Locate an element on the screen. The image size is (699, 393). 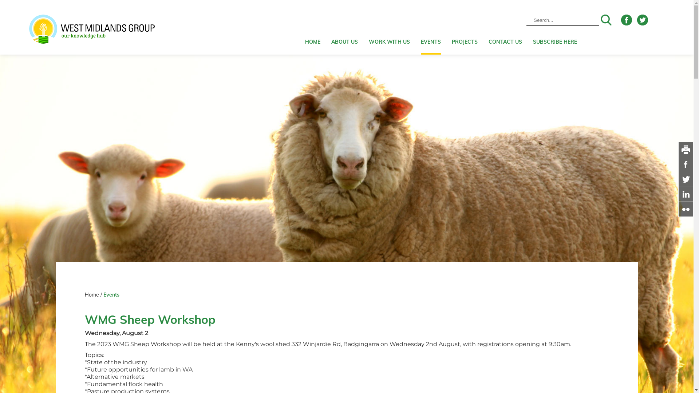
'Skip to main content' is located at coordinates (0, 0).